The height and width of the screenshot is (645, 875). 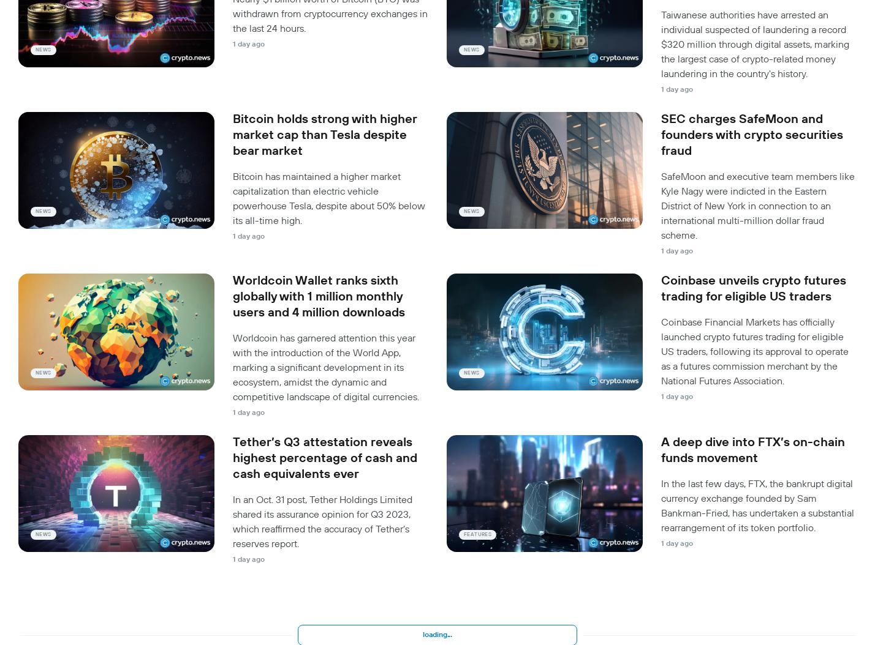 I want to click on 'Worldcoin Wallet ranks sixth globally with 1 million monthly users and 4 million downloads', so click(x=319, y=296).